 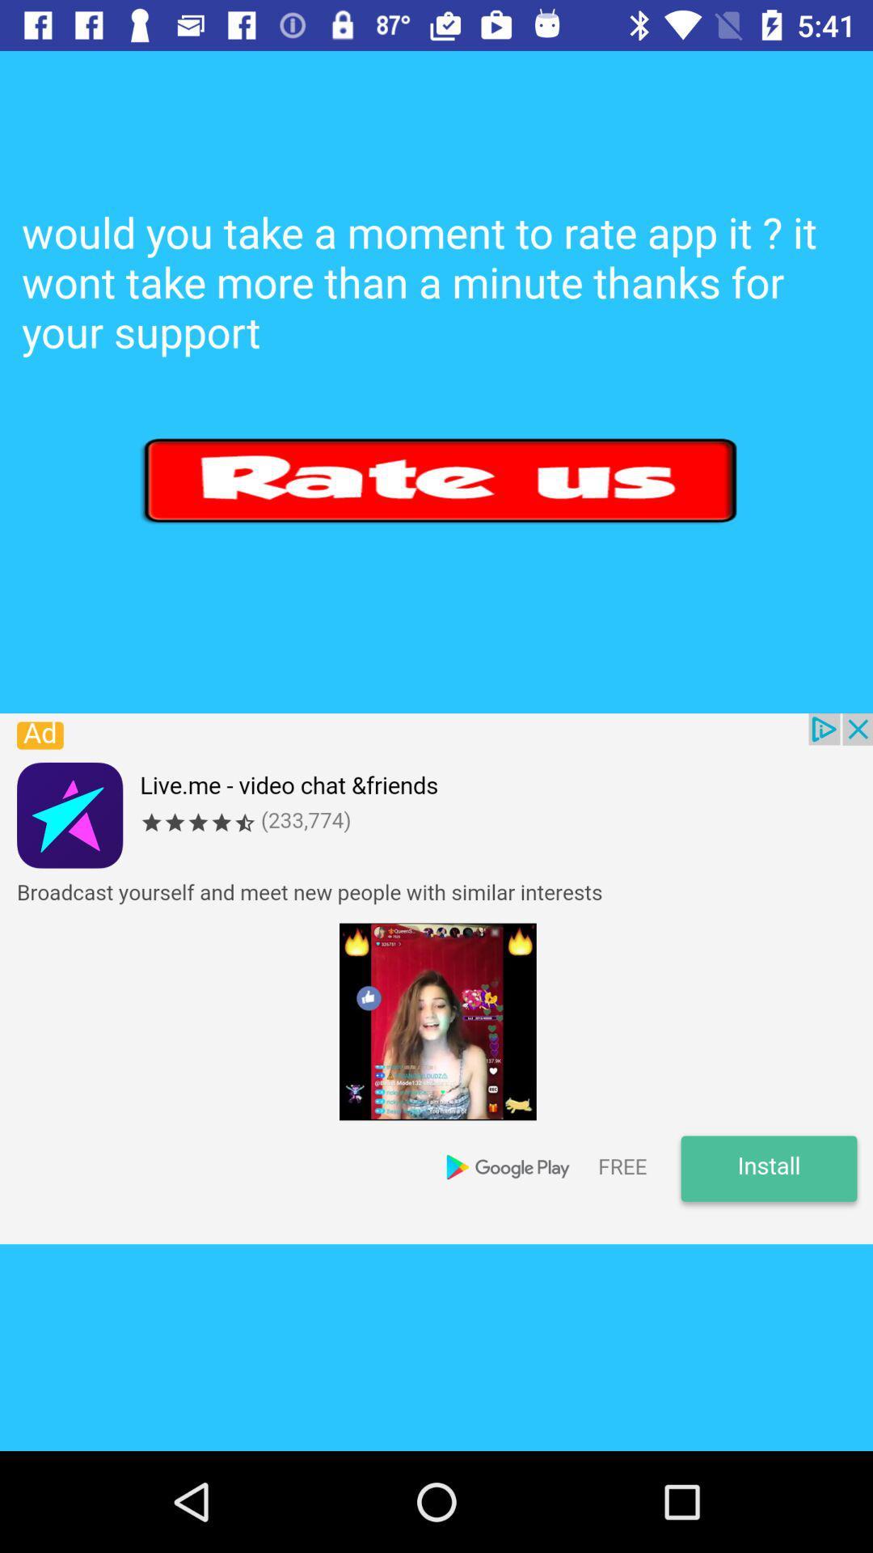 What do you see at coordinates (442, 479) in the screenshot?
I see `rate` at bounding box center [442, 479].